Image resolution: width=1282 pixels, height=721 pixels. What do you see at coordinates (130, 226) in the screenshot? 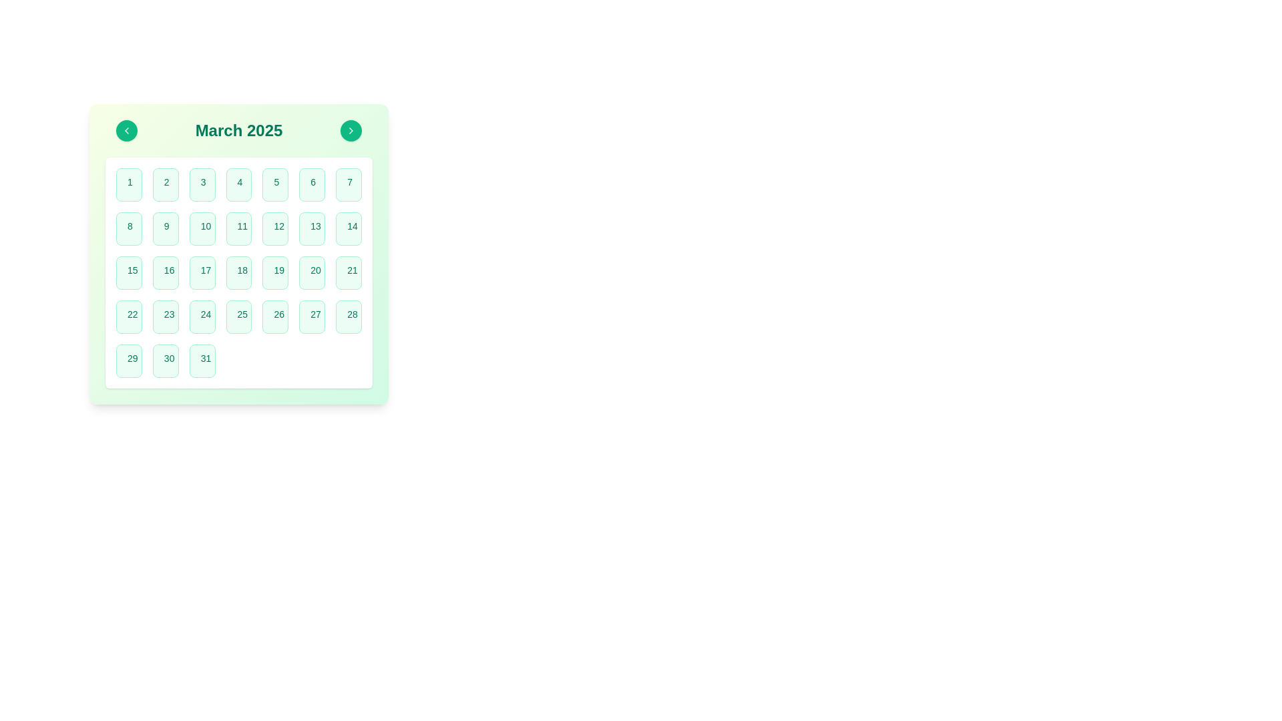
I see `text label displaying the numeric date '8' in the calendar grid, which is located in the second row and first column of the calendar layout` at bounding box center [130, 226].